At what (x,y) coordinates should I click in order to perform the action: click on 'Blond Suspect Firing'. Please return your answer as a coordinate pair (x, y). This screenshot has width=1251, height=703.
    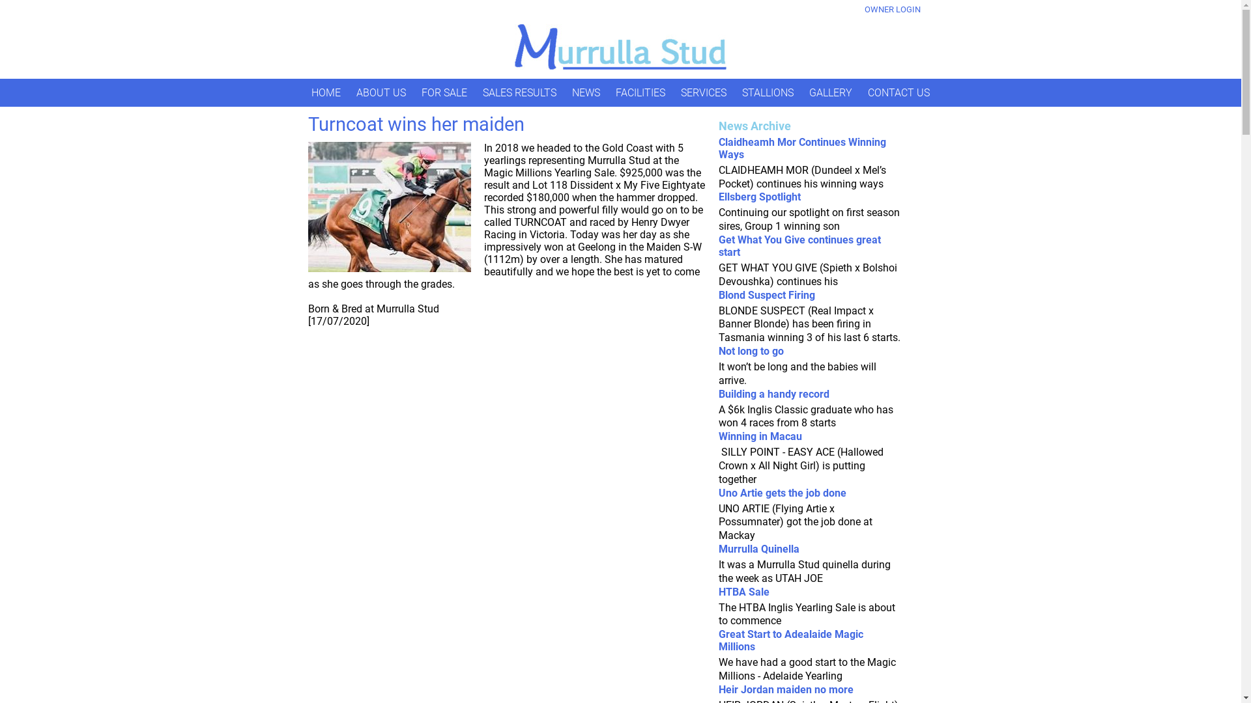
    Looking at the image, I should click on (766, 295).